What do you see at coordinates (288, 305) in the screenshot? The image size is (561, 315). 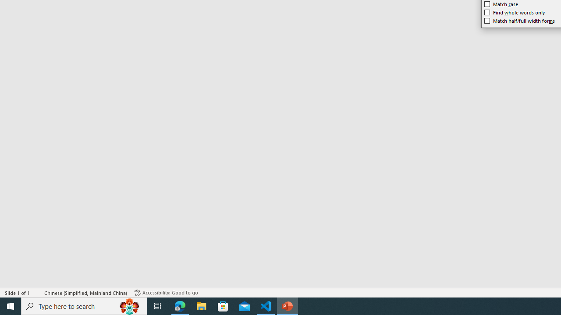 I see `'PowerPoint - 1 running window'` at bounding box center [288, 305].